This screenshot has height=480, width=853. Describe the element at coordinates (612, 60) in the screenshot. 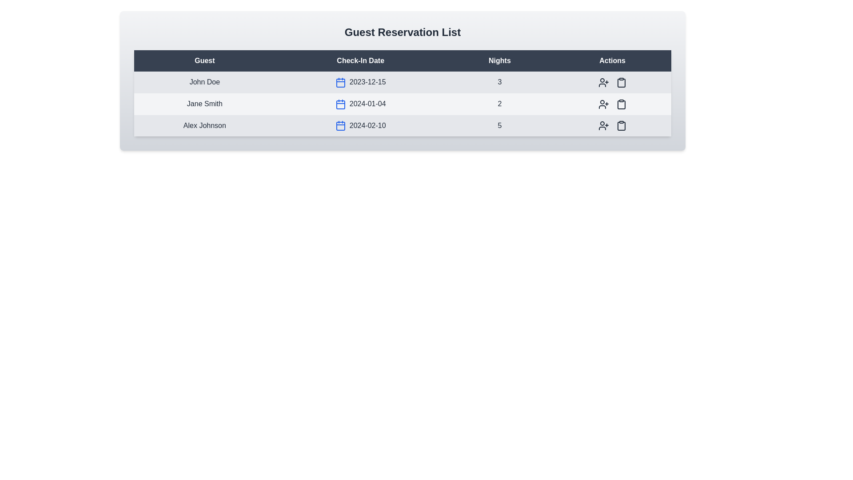

I see `the 'Actions' header text label, which is the rightmost header in a table row and indicates action-related controls` at that location.